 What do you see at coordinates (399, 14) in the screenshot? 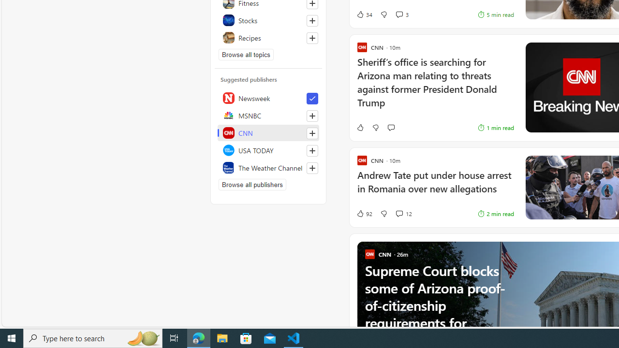
I see `'View comments 3 Comment'` at bounding box center [399, 14].